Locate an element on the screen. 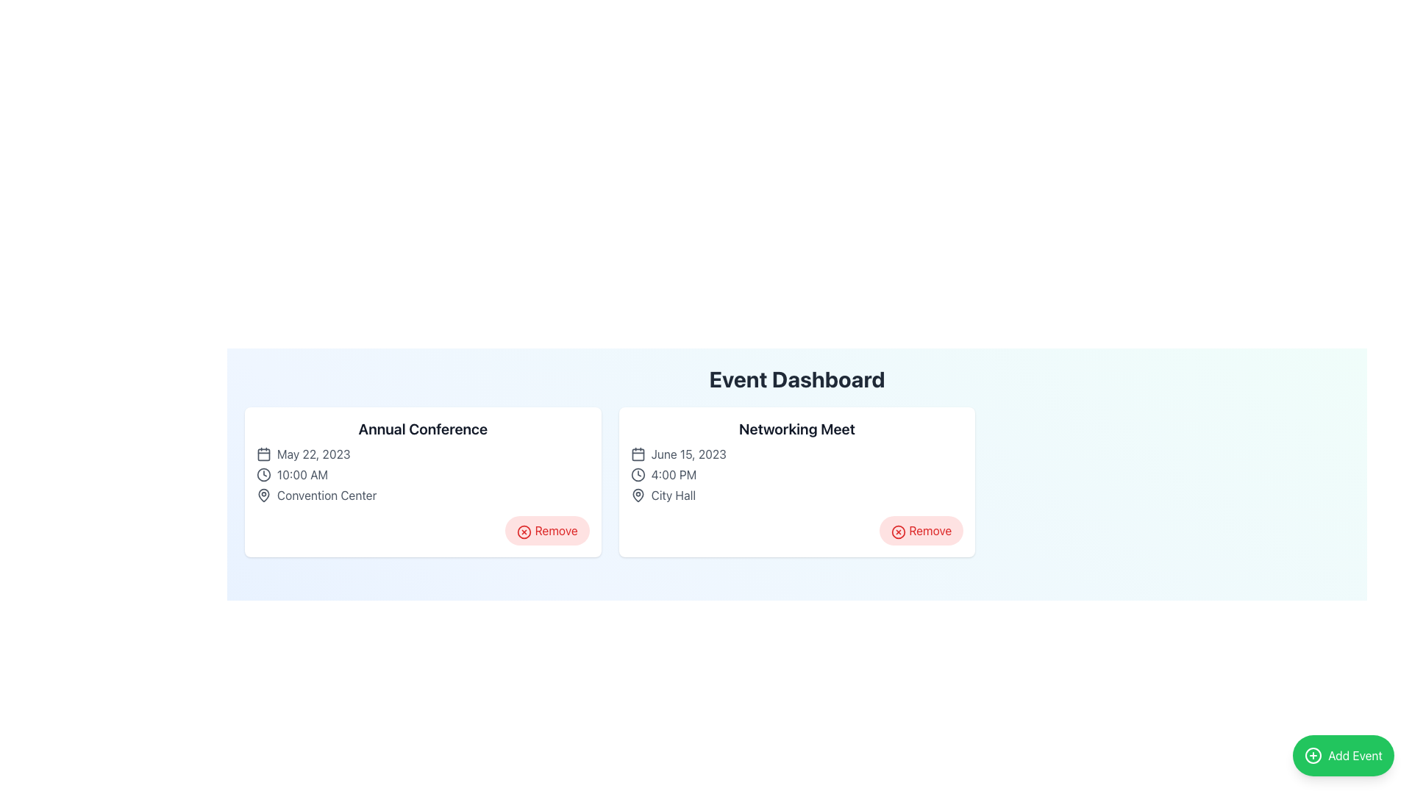 This screenshot has width=1412, height=794. text content of the Text label that displays the location for the 'Annual Conference' event, which is situated below the time details and above the 'Remove' button is located at coordinates (326, 496).